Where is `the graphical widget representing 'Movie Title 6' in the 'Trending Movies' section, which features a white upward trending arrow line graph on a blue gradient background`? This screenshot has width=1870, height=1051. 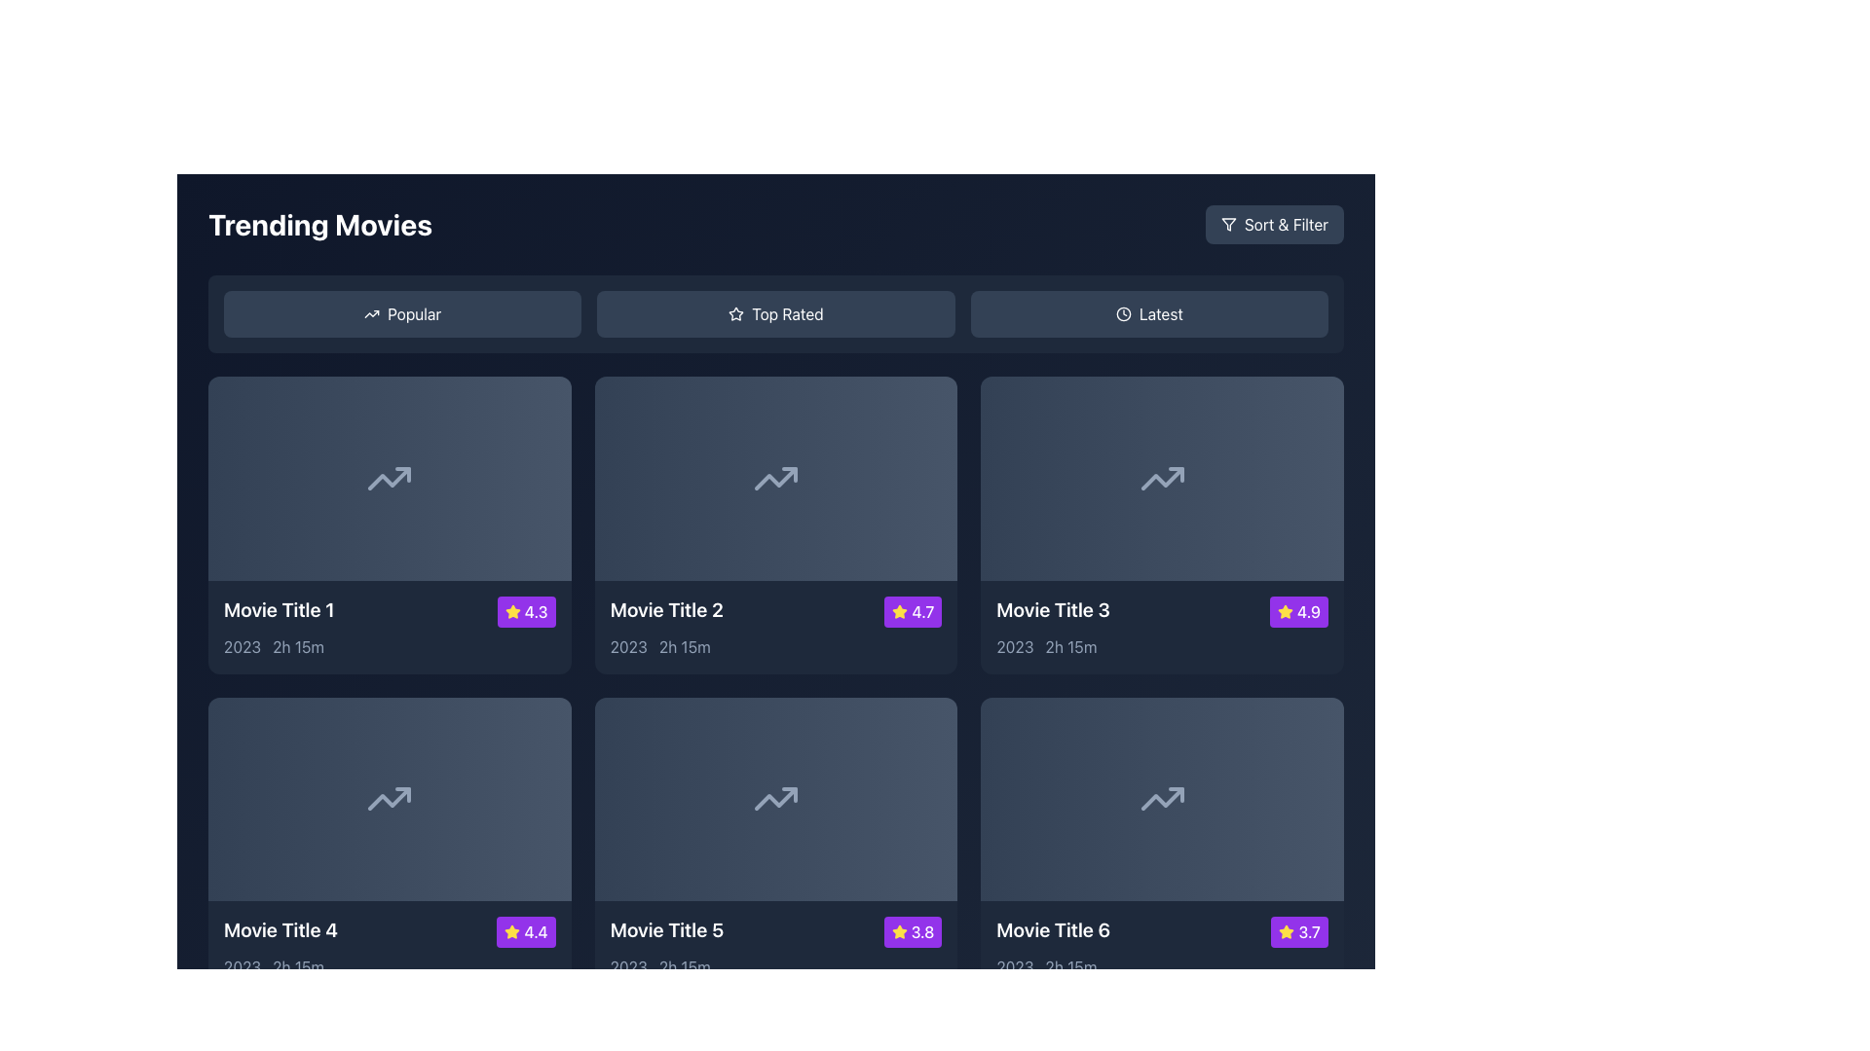 the graphical widget representing 'Movie Title 6' in the 'Trending Movies' section, which features a white upward trending arrow line graph on a blue gradient background is located at coordinates (1162, 799).